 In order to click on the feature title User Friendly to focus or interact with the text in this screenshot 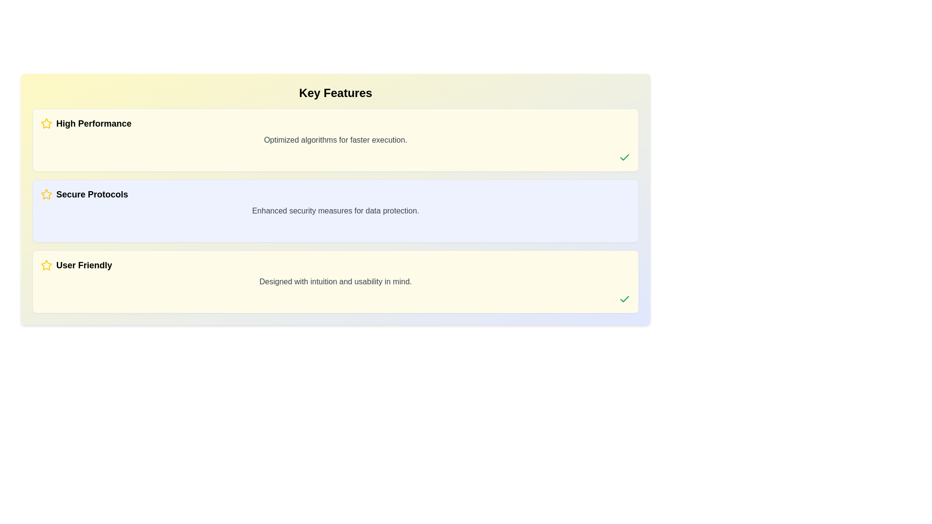, I will do `click(335, 265)`.